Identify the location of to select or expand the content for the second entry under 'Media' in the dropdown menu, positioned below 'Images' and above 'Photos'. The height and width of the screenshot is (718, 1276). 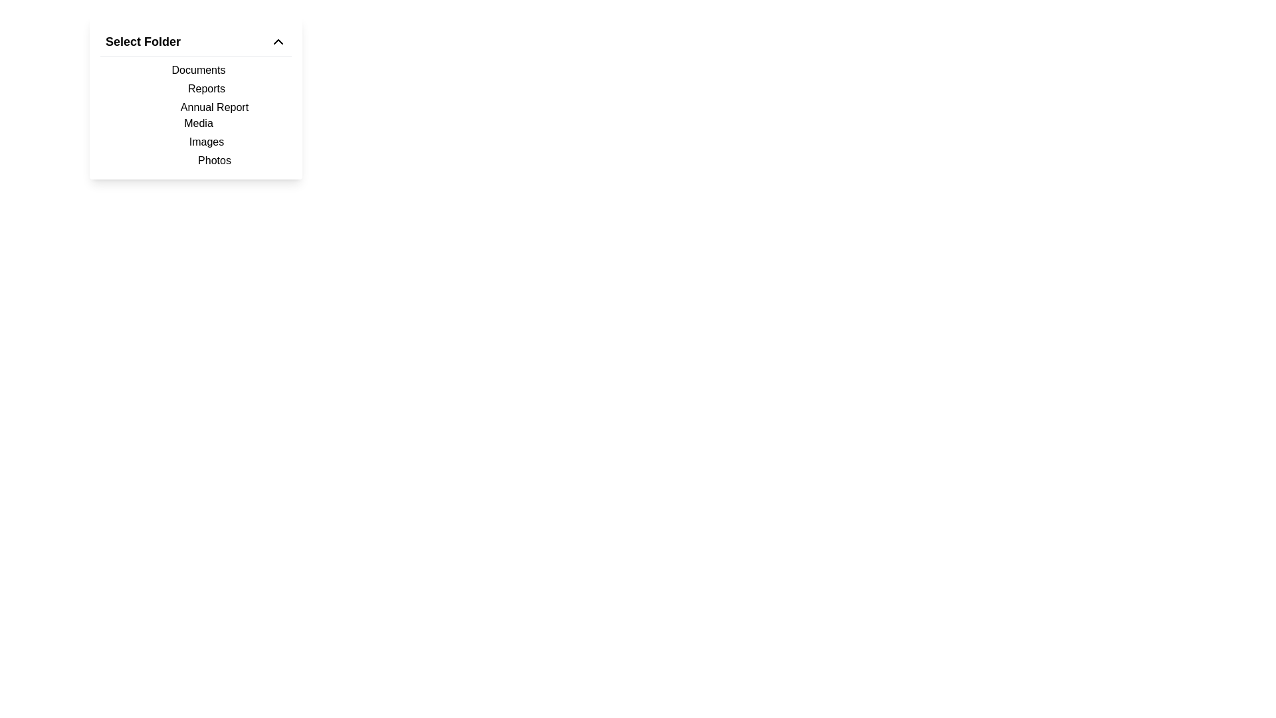
(195, 142).